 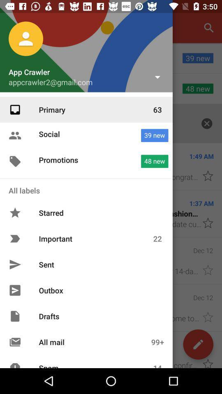 What do you see at coordinates (206, 124) in the screenshot?
I see `the cross symbol` at bounding box center [206, 124].